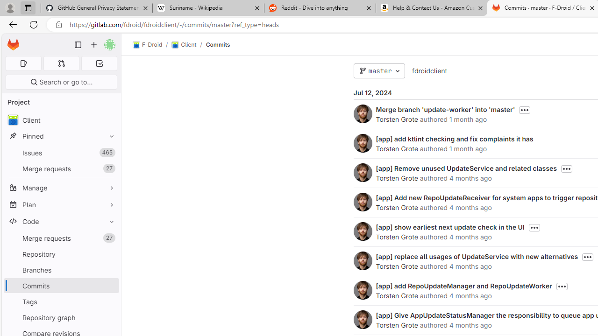 The height and width of the screenshot is (336, 598). What do you see at coordinates (217, 44) in the screenshot?
I see `'Commits'` at bounding box center [217, 44].